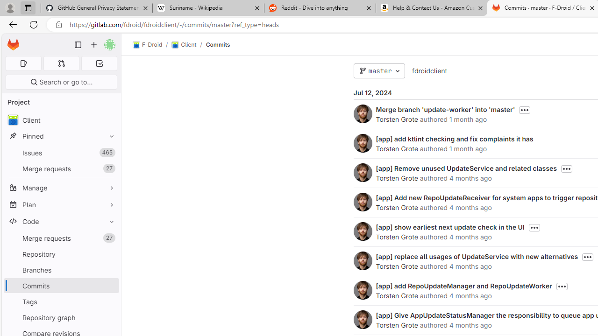 The height and width of the screenshot is (336, 598). What do you see at coordinates (217, 44) in the screenshot?
I see `'Commits'` at bounding box center [217, 44].